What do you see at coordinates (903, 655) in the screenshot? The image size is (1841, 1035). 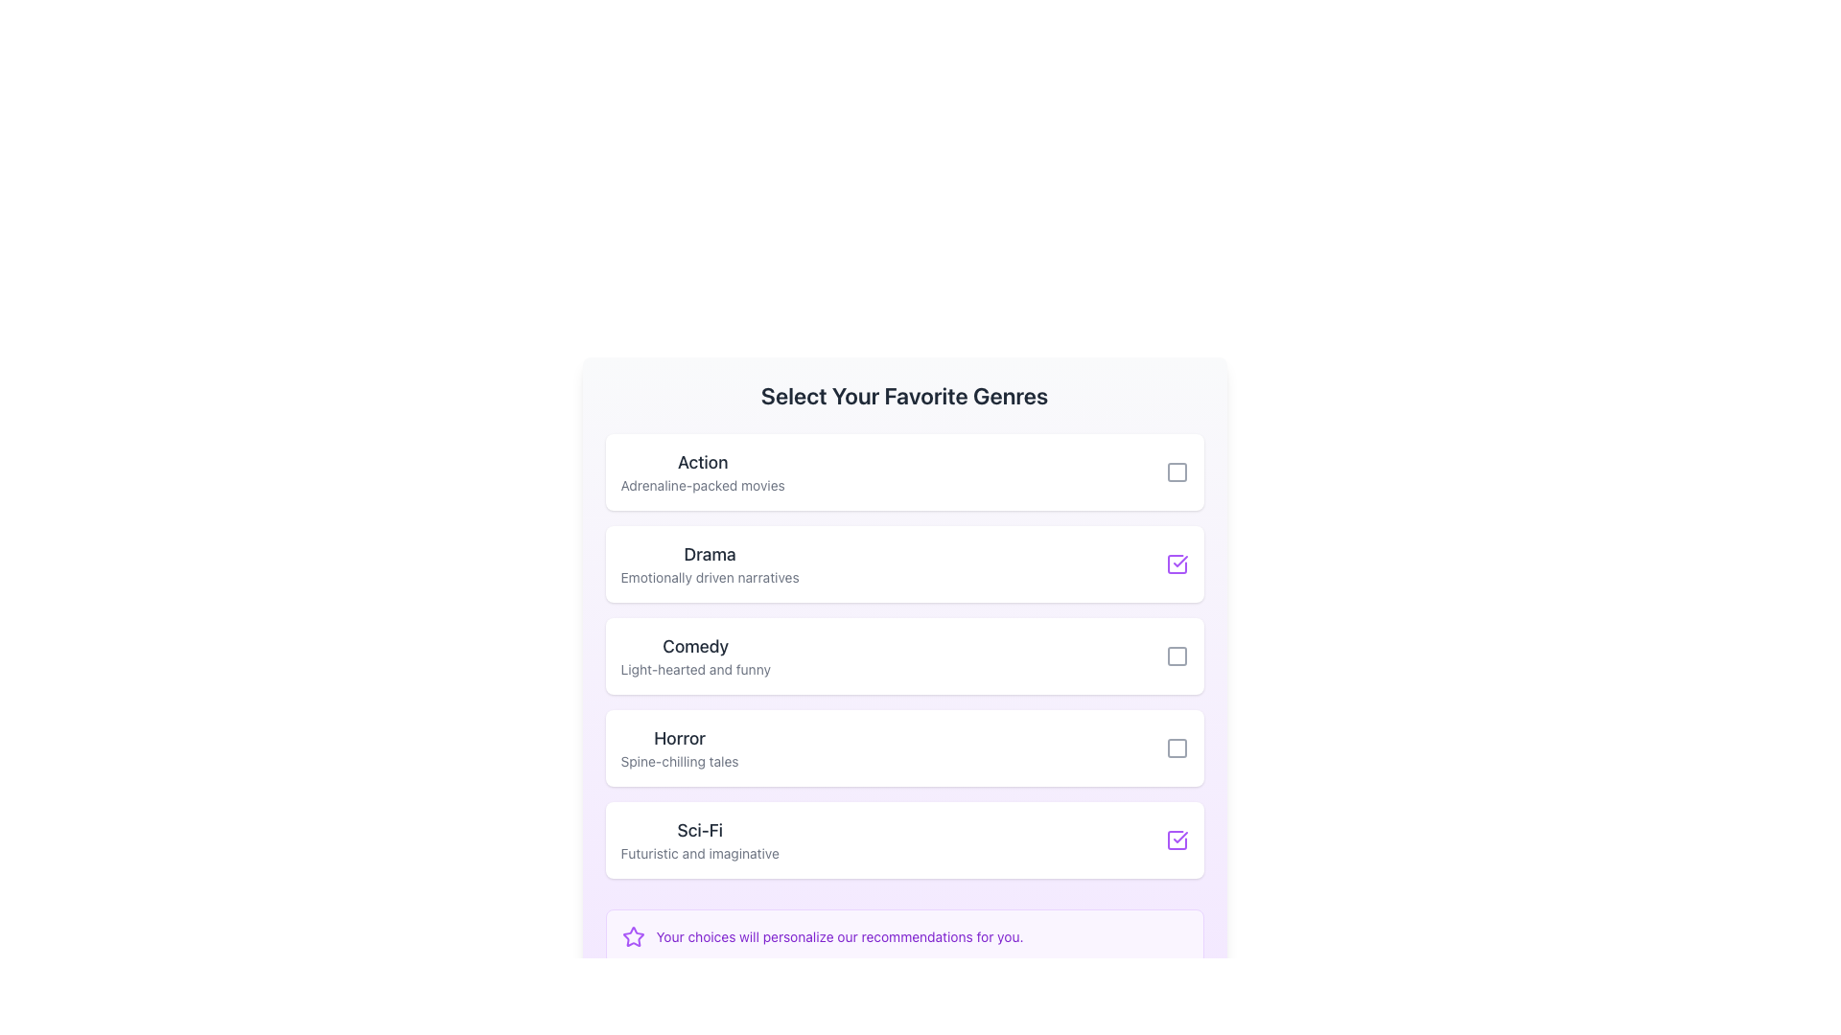 I see `the third genre selection item from the list located in the middle of the page` at bounding box center [903, 655].